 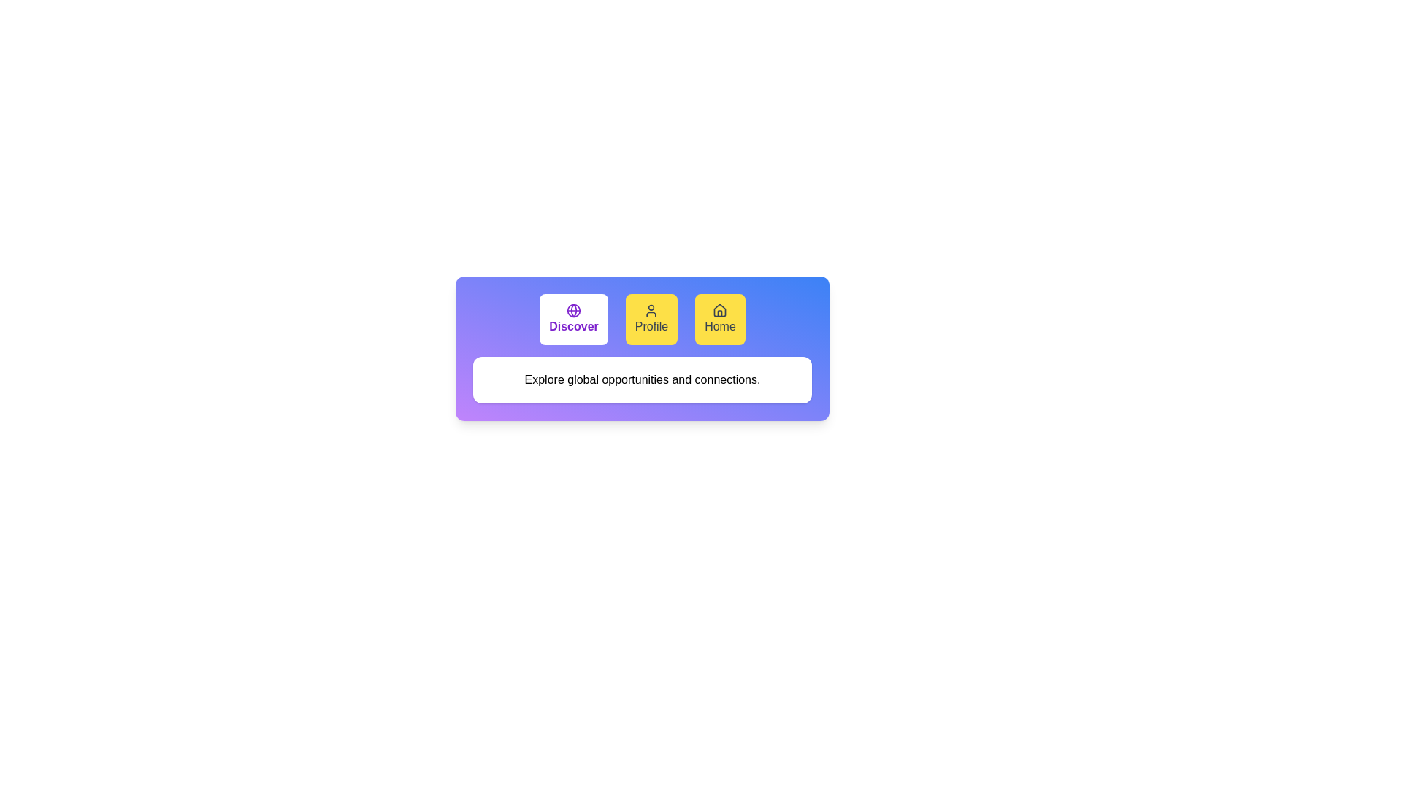 I want to click on the decorative globe icon that is part of the 'Discover' button, located at the top left of the button group, so click(x=573, y=309).